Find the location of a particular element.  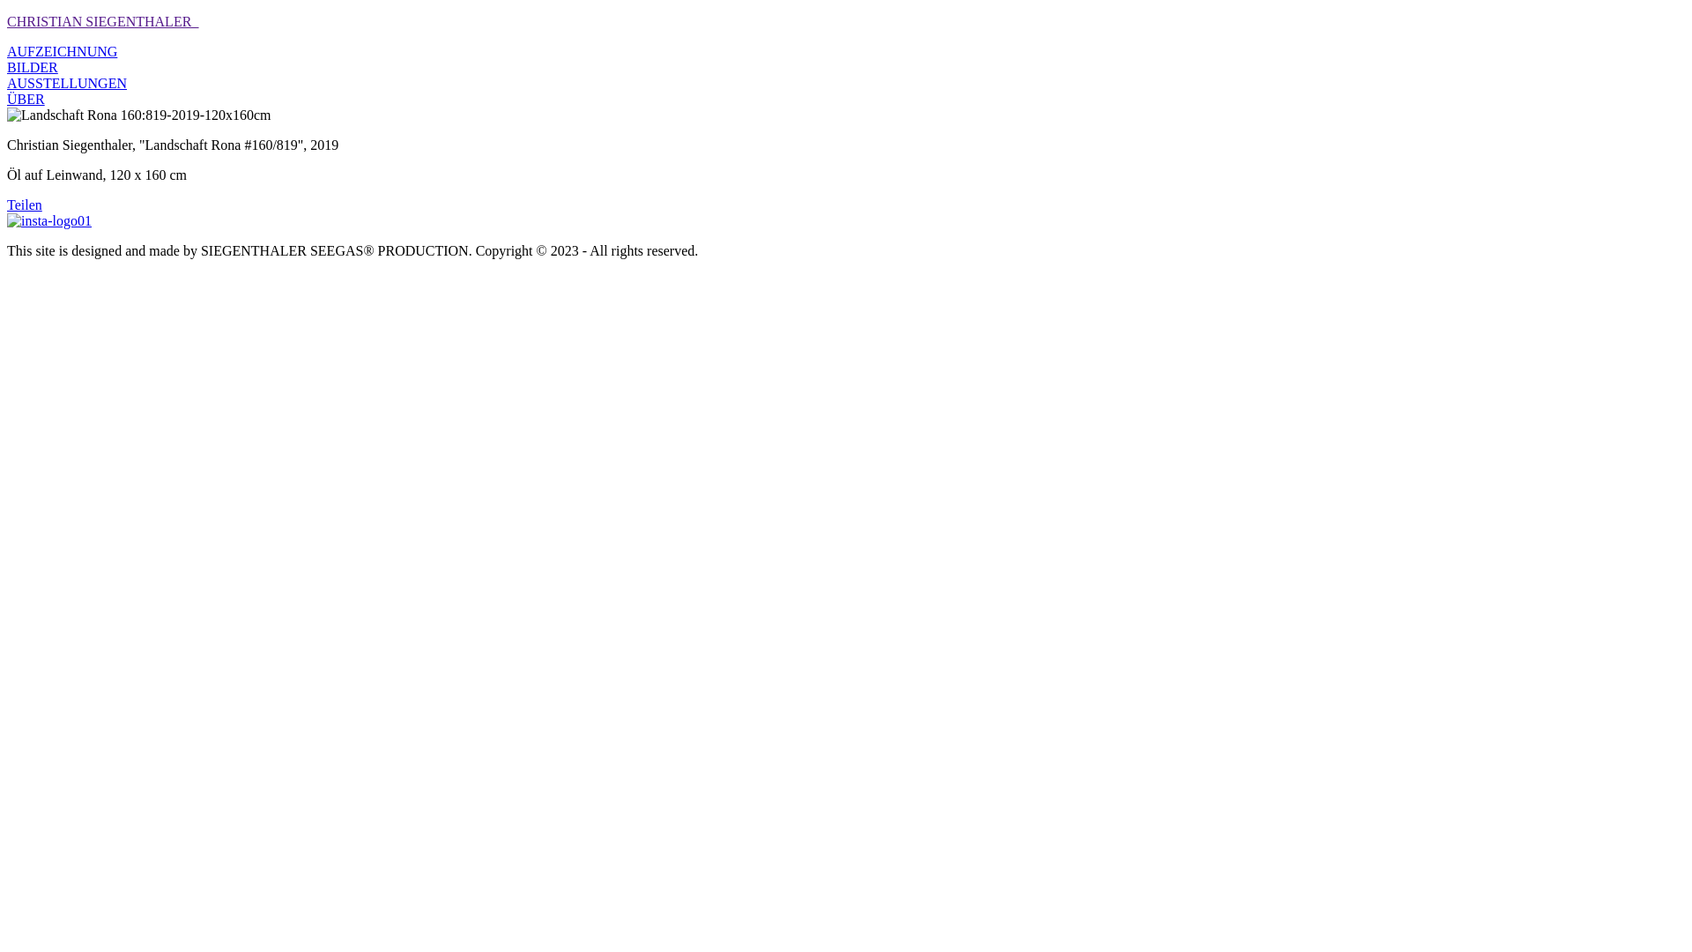

'Teilen' is located at coordinates (25, 204).